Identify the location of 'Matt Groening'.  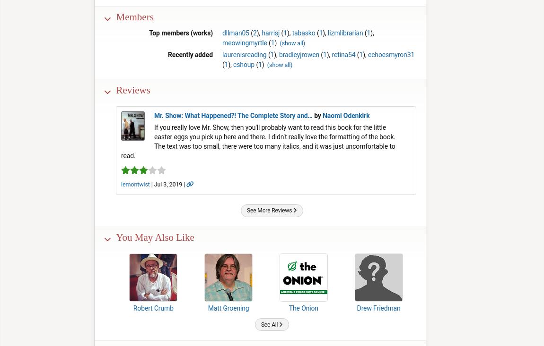
(228, 308).